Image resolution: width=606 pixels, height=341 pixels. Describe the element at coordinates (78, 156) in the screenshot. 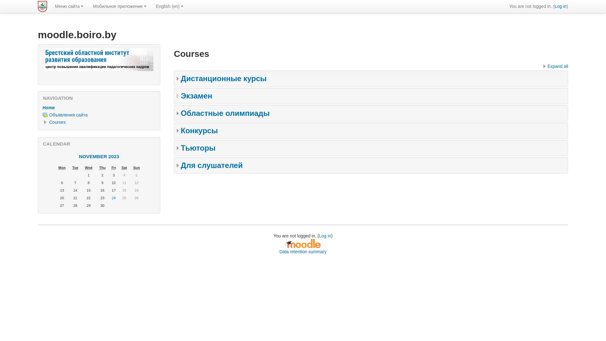

I see `'NOVEMBER 2023'` at that location.